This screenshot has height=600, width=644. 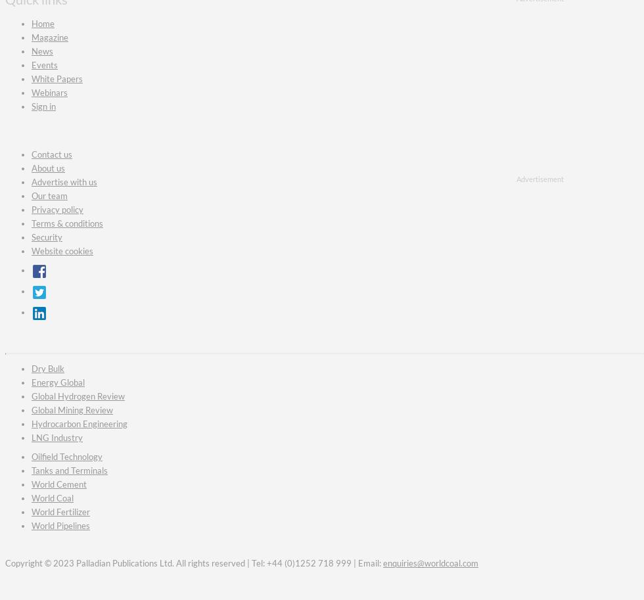 What do you see at coordinates (60, 511) in the screenshot?
I see `'World Fertilizer'` at bounding box center [60, 511].